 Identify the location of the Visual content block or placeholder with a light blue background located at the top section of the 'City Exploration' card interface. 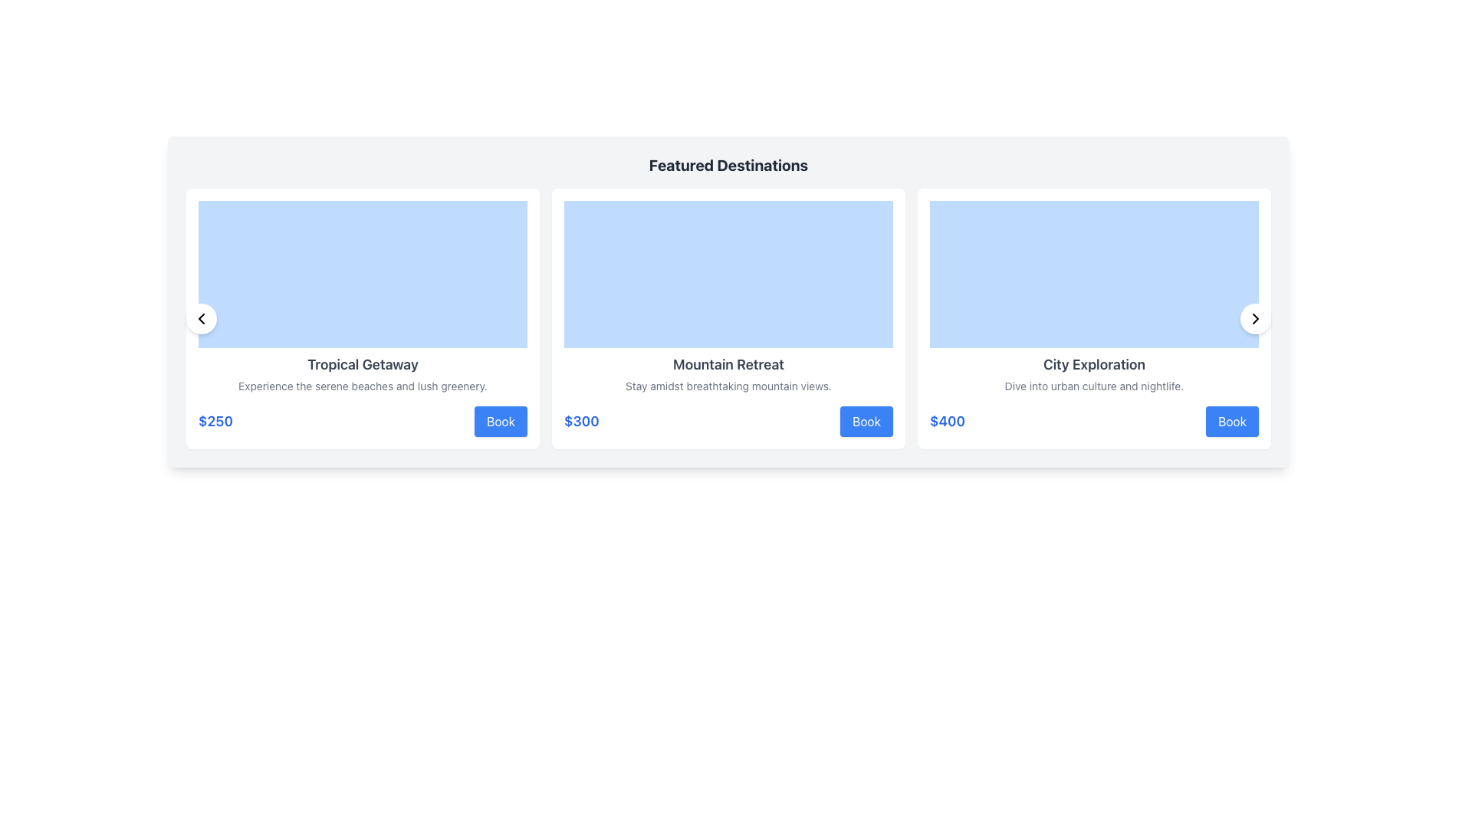
(1093, 274).